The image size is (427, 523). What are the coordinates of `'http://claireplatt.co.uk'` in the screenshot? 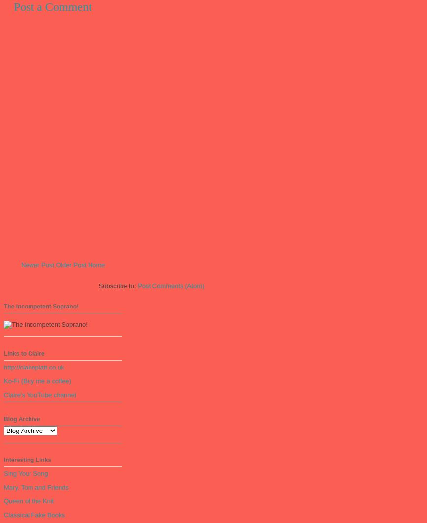 It's located at (34, 367).